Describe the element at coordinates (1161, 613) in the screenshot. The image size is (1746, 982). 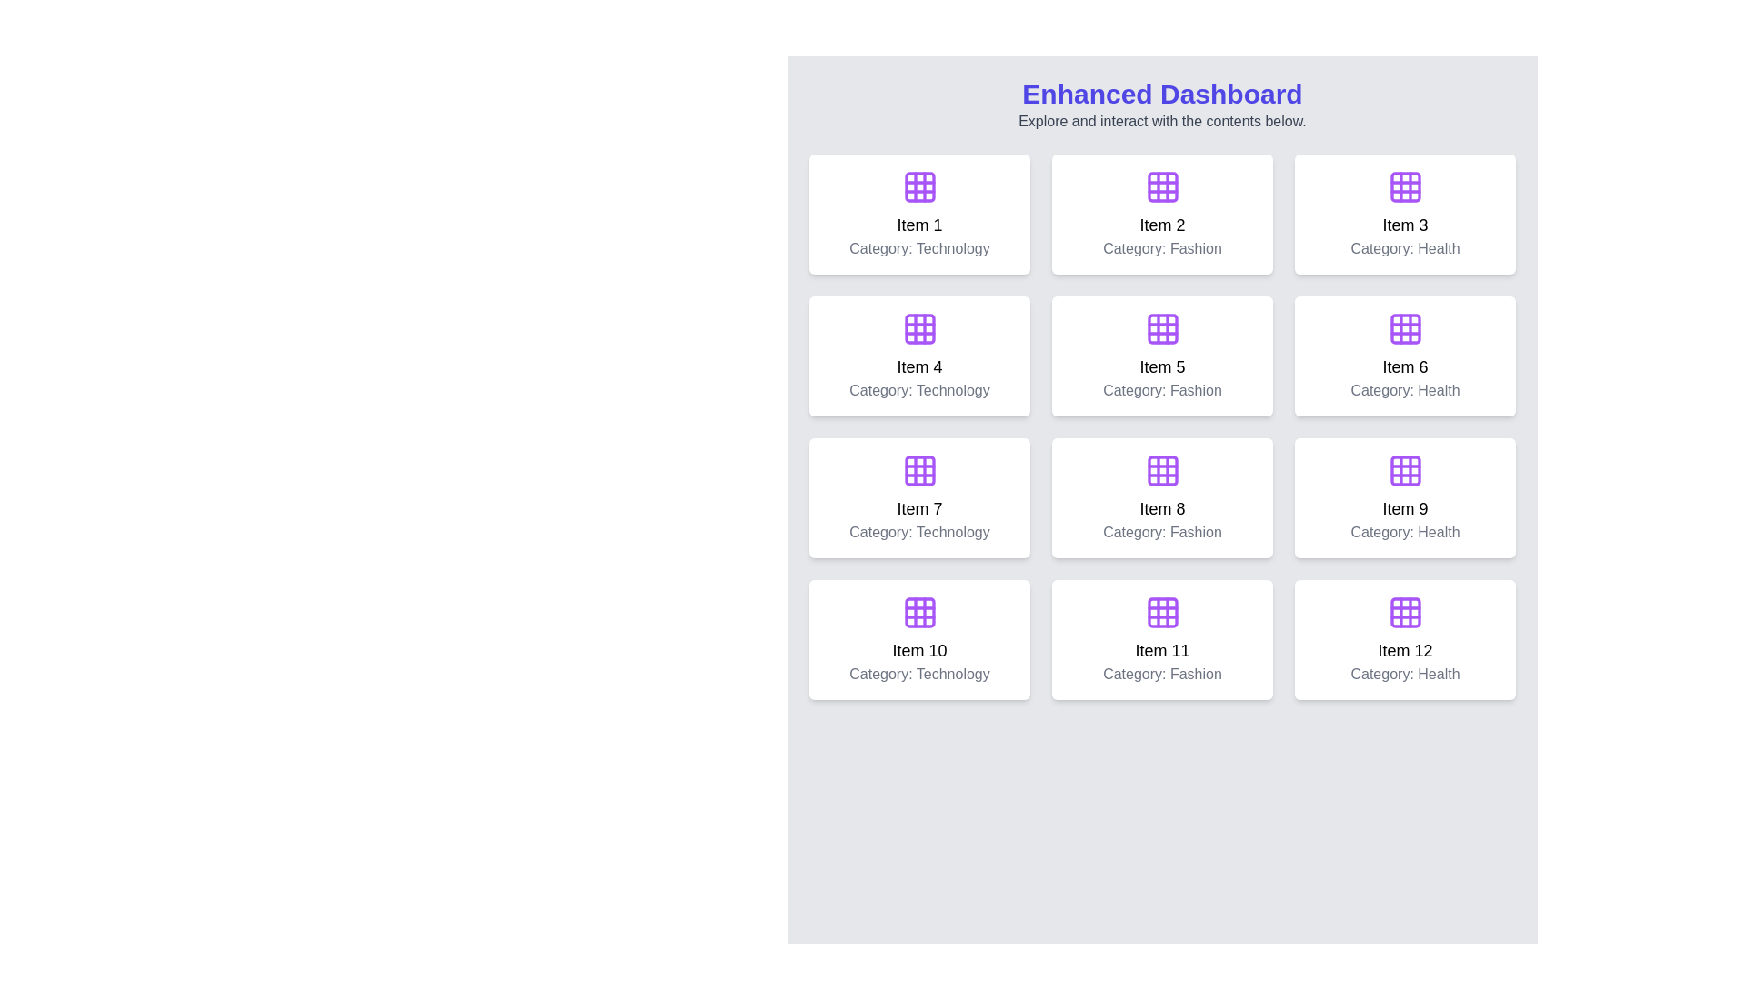
I see `the center cell of the 3x3 grid icon component located in the second column of the fourth row of the dashboard interface` at that location.